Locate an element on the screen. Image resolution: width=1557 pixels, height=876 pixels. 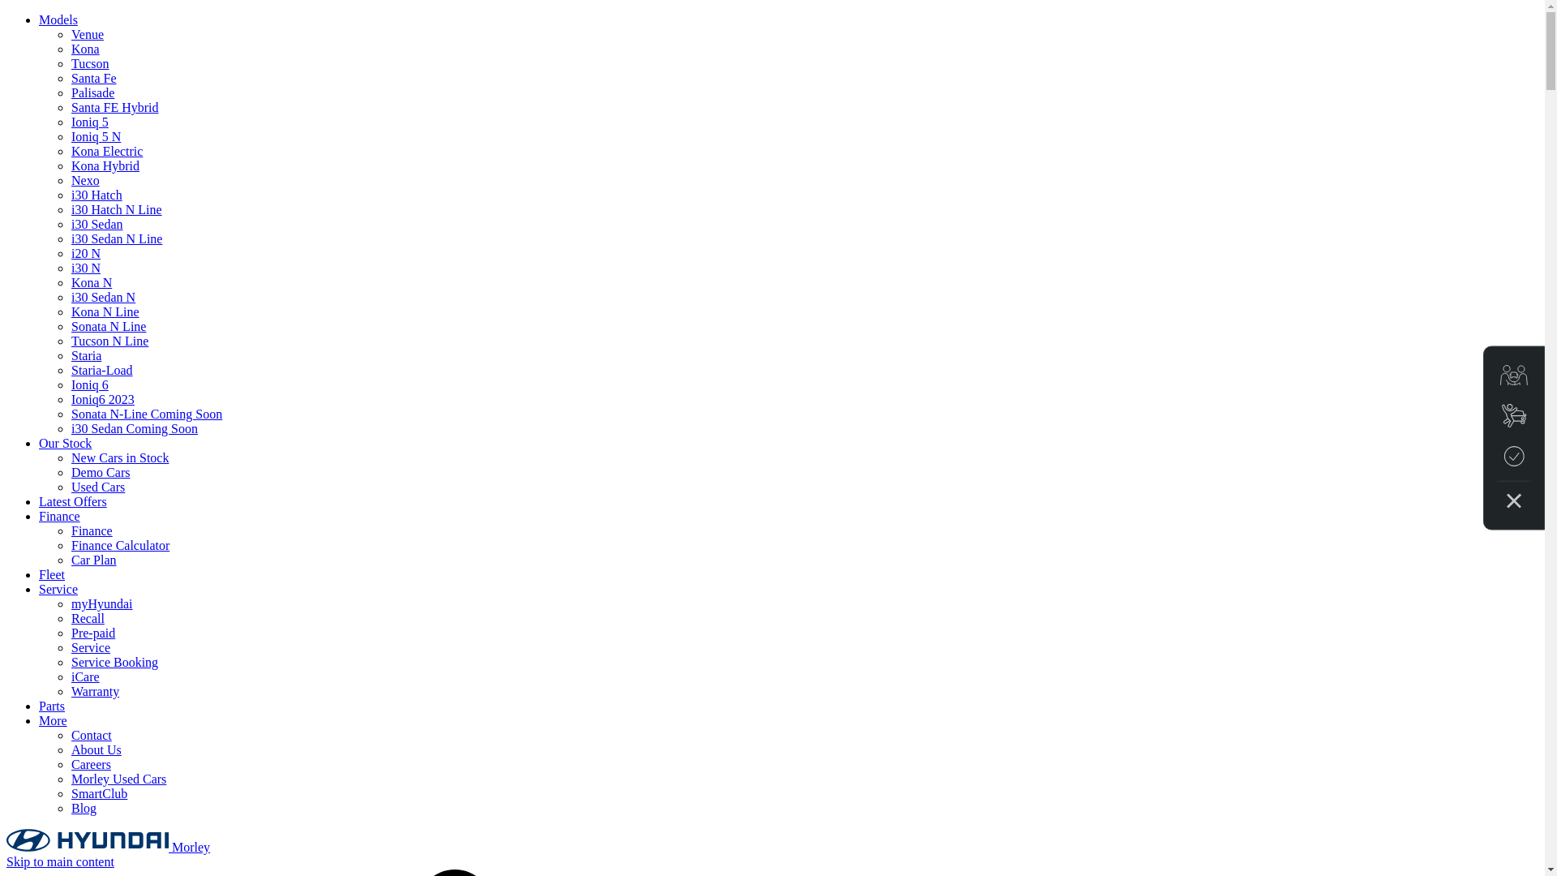
'About Us' is located at coordinates (96, 749).